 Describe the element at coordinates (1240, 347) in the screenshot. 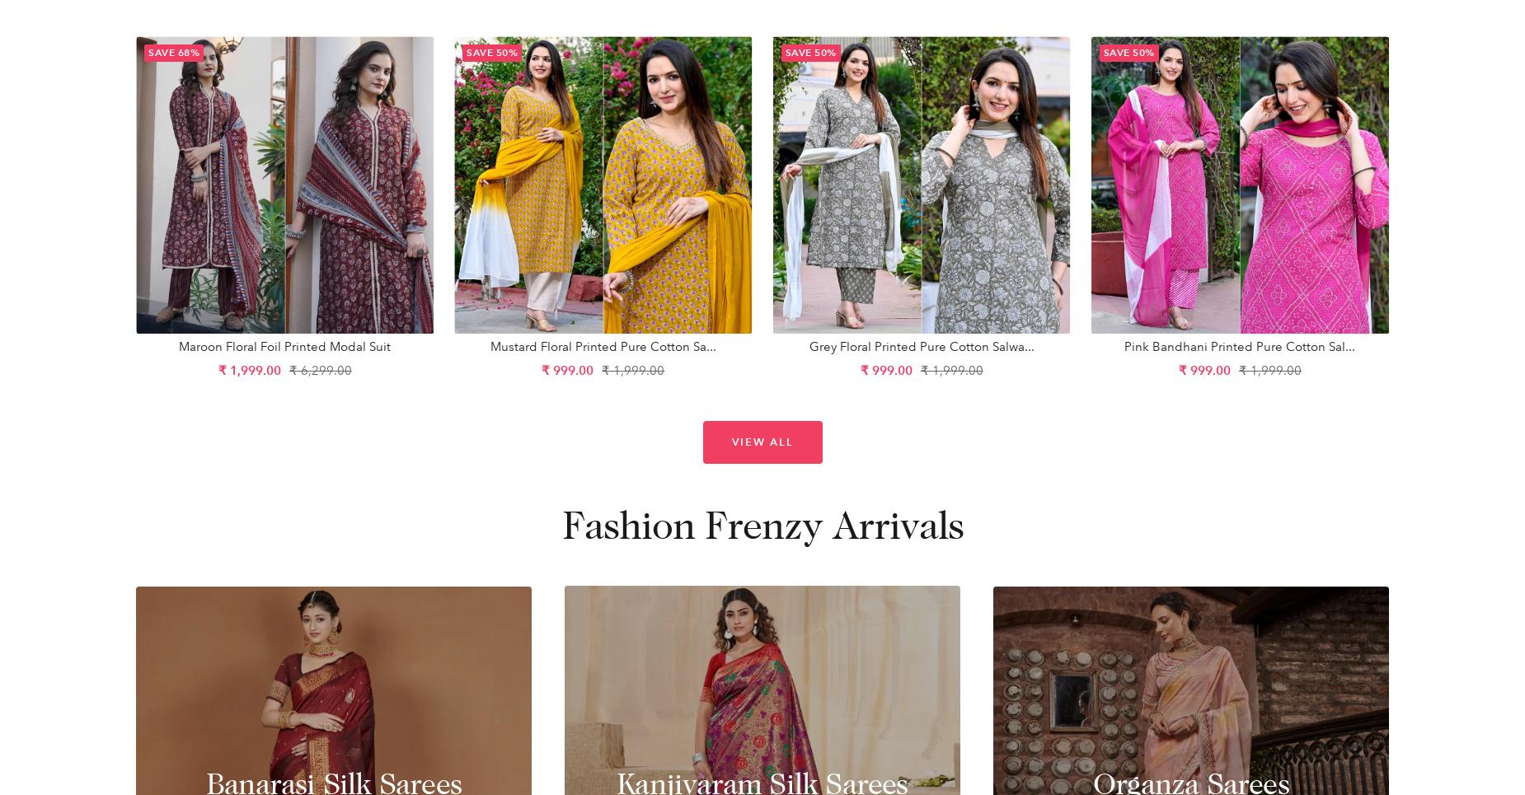

I see `'Pink Bandhani Printed Pure Cotton Sal...'` at that location.